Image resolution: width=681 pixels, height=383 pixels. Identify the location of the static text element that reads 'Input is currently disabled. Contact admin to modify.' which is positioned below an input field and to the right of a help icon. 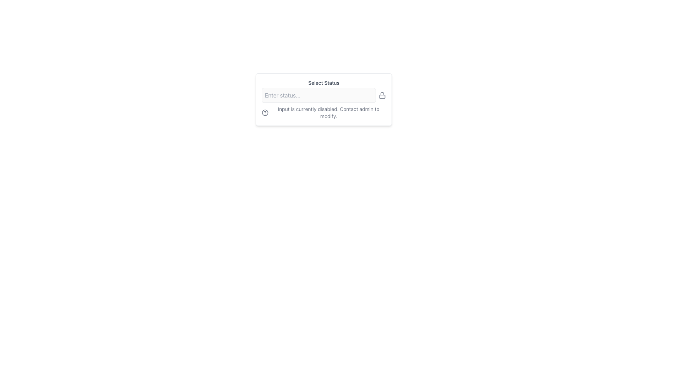
(328, 112).